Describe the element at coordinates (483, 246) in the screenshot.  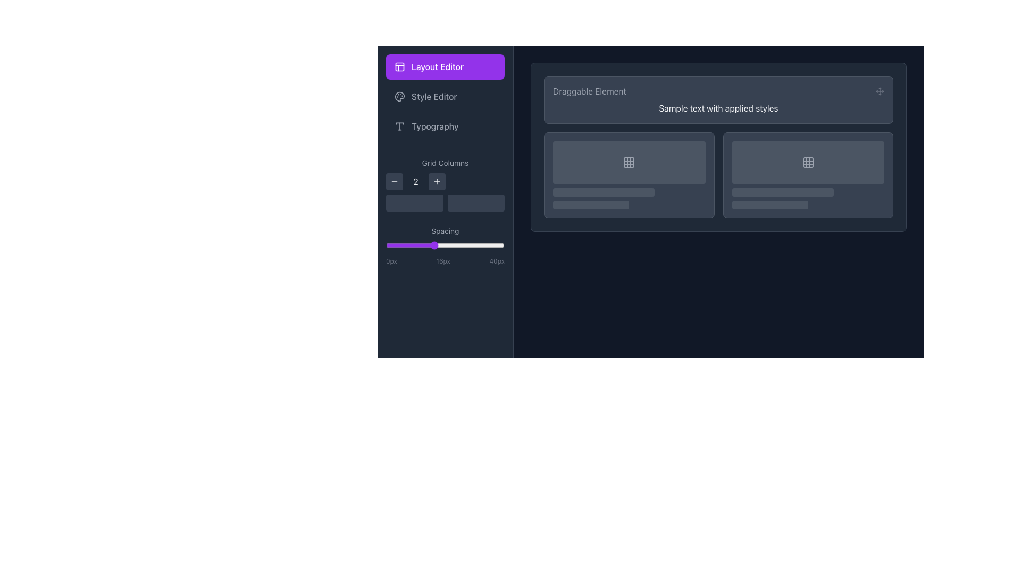
I see `the spacing value` at that location.